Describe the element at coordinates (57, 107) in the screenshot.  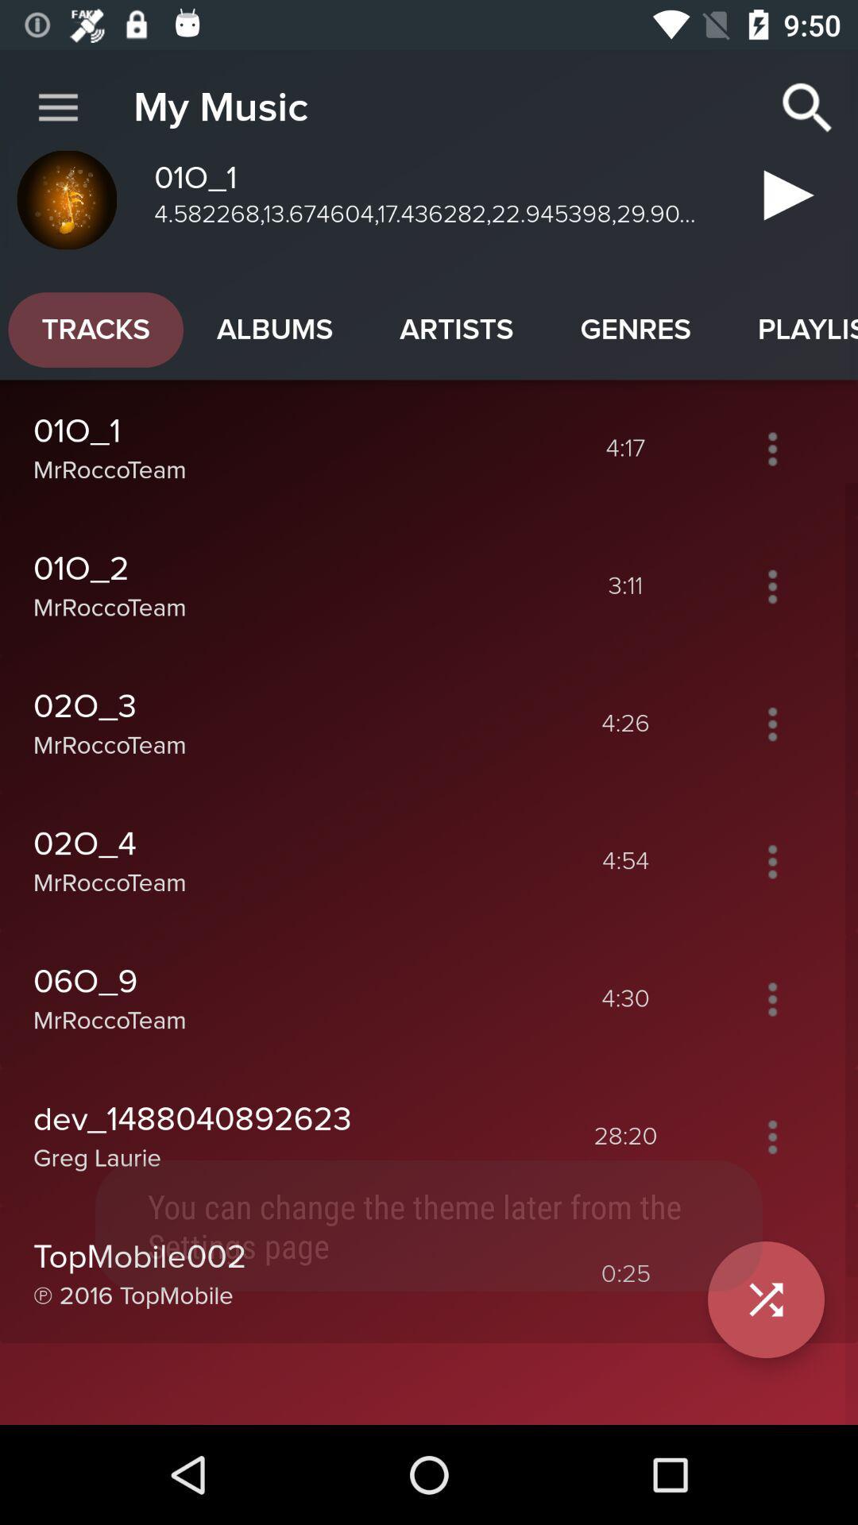
I see `icon to the left of the my music` at that location.